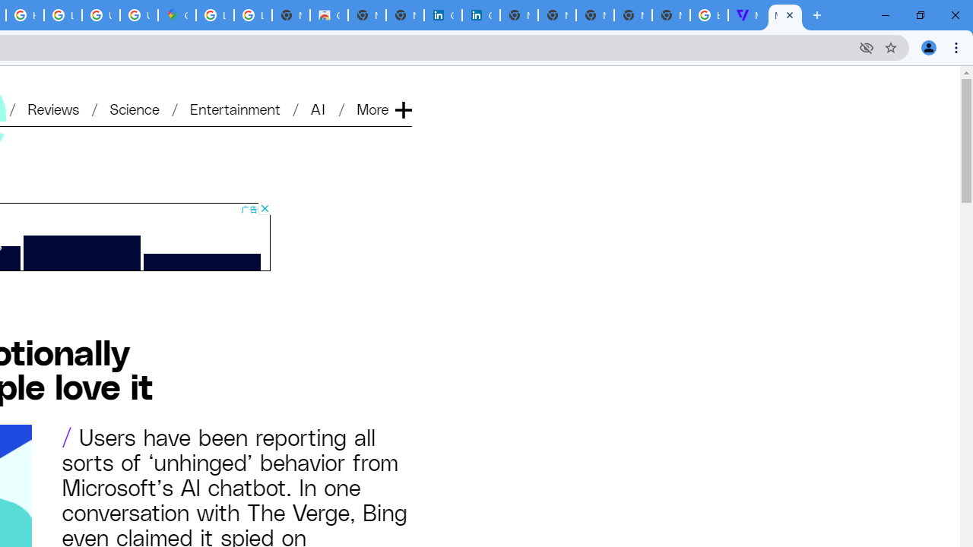 This screenshot has height=547, width=973. Describe the element at coordinates (442, 15) in the screenshot. I see `'Cookie Policy | LinkedIn'` at that location.